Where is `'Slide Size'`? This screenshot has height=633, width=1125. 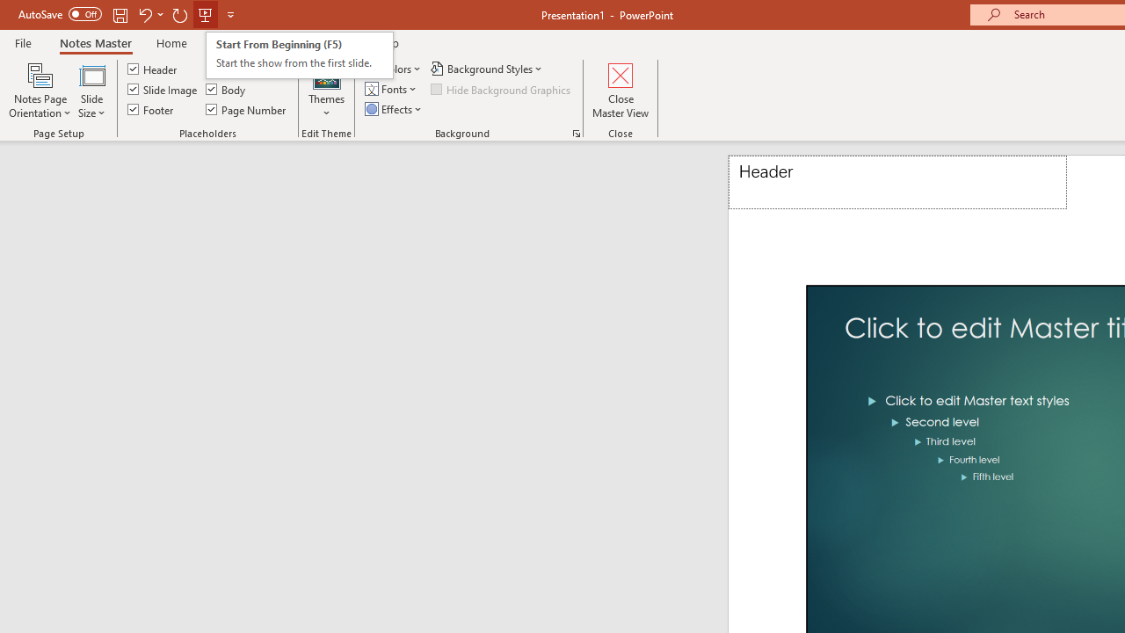 'Slide Size' is located at coordinates (91, 91).